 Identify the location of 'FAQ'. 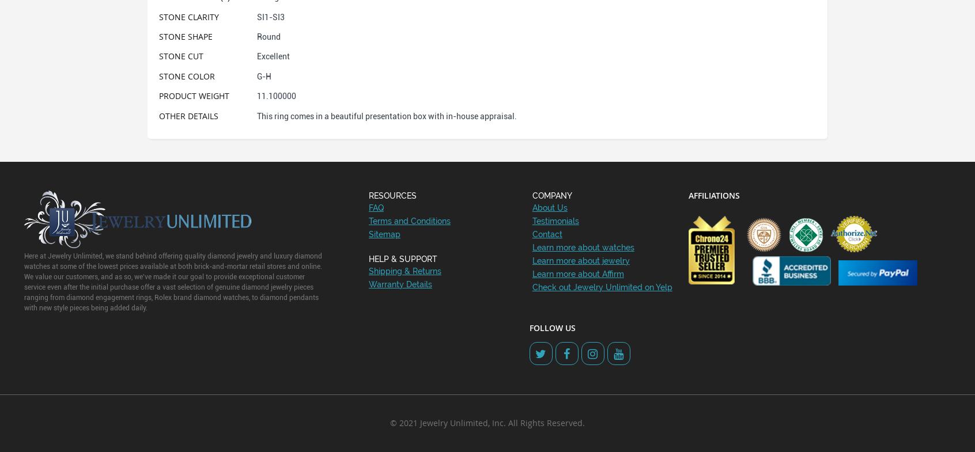
(375, 207).